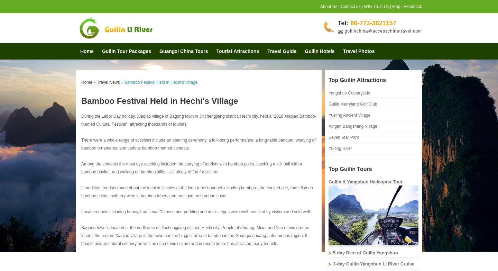 This screenshot has width=498, height=271. What do you see at coordinates (320, 51) in the screenshot?
I see `'Guilin Hotels'` at bounding box center [320, 51].